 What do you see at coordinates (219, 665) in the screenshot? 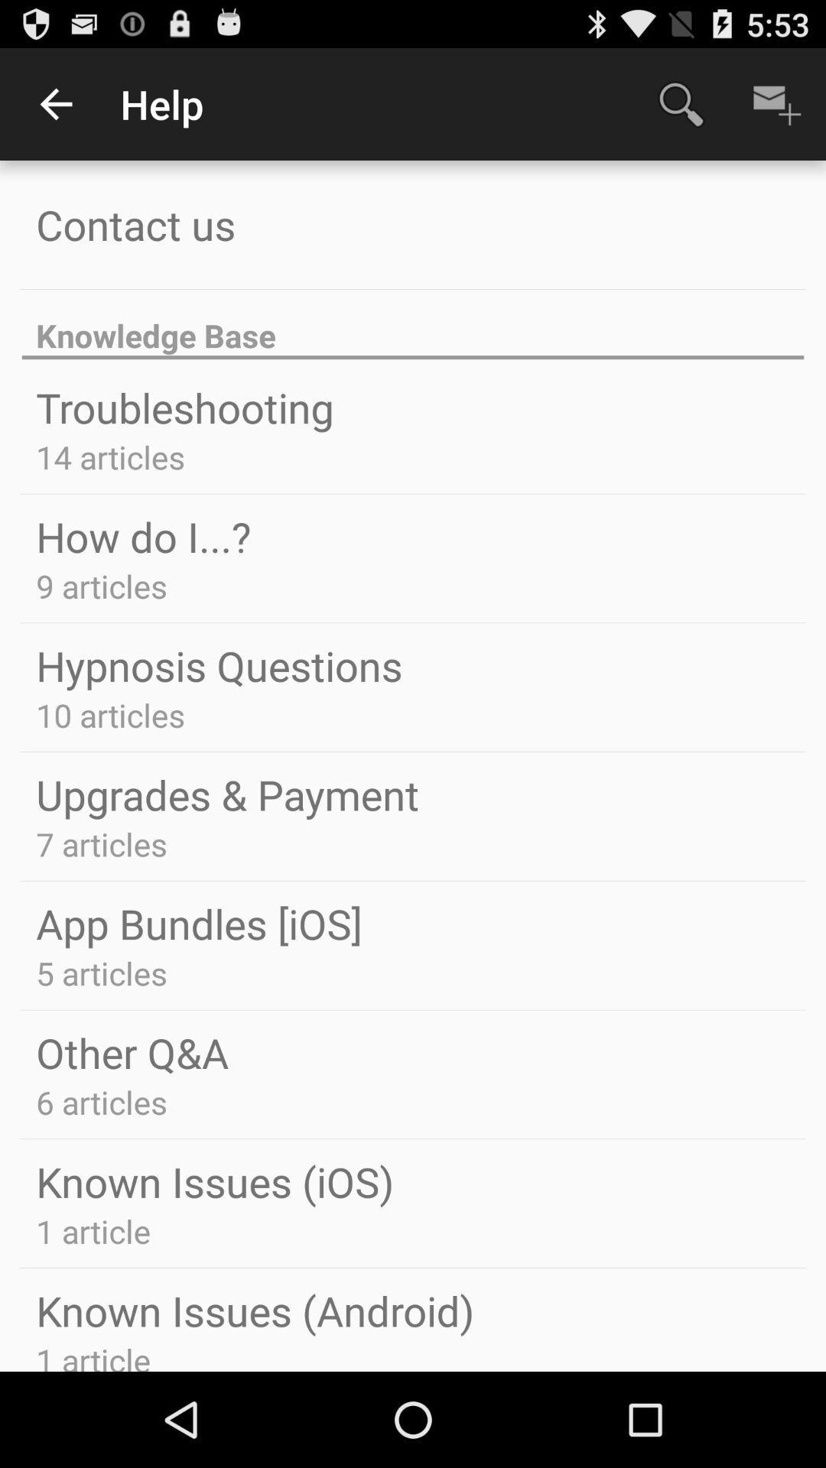
I see `hypnosis questions` at bounding box center [219, 665].